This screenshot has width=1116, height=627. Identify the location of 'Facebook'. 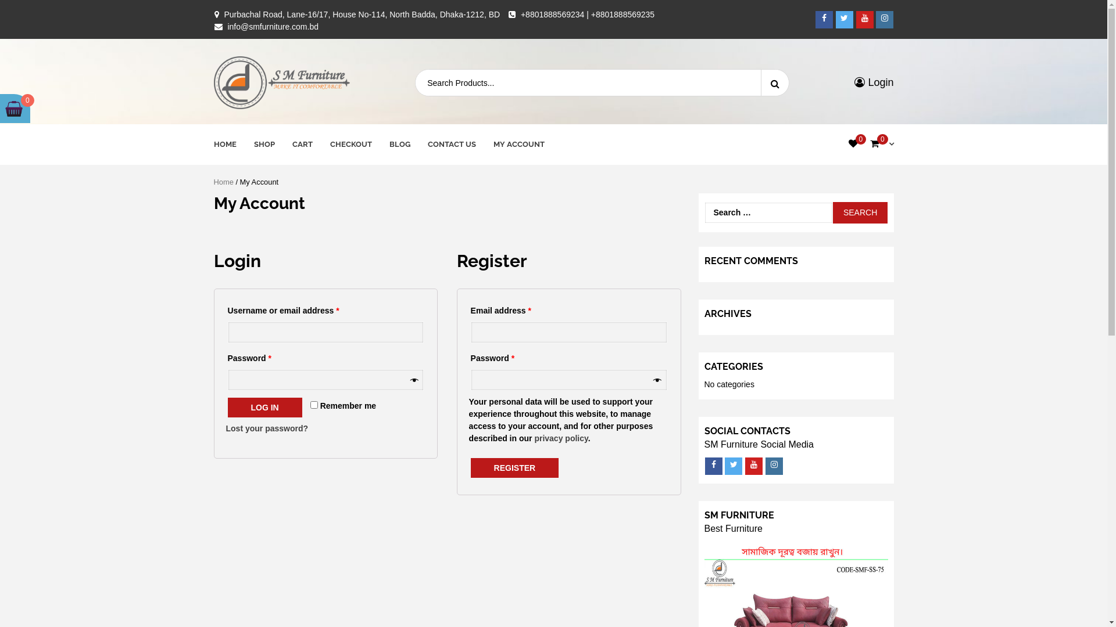
(823, 19).